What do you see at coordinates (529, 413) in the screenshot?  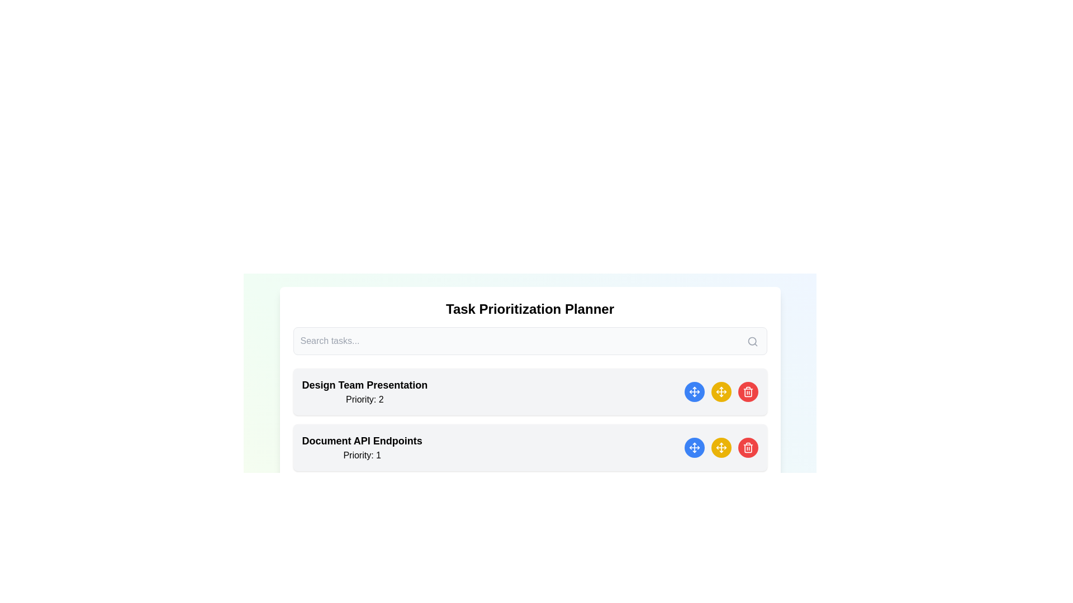 I see `the priority indicators located within the white card that contains a list of tasks, which is situated below the search bar and above additional interface components in the Task Prioritization Planner` at bounding box center [529, 413].